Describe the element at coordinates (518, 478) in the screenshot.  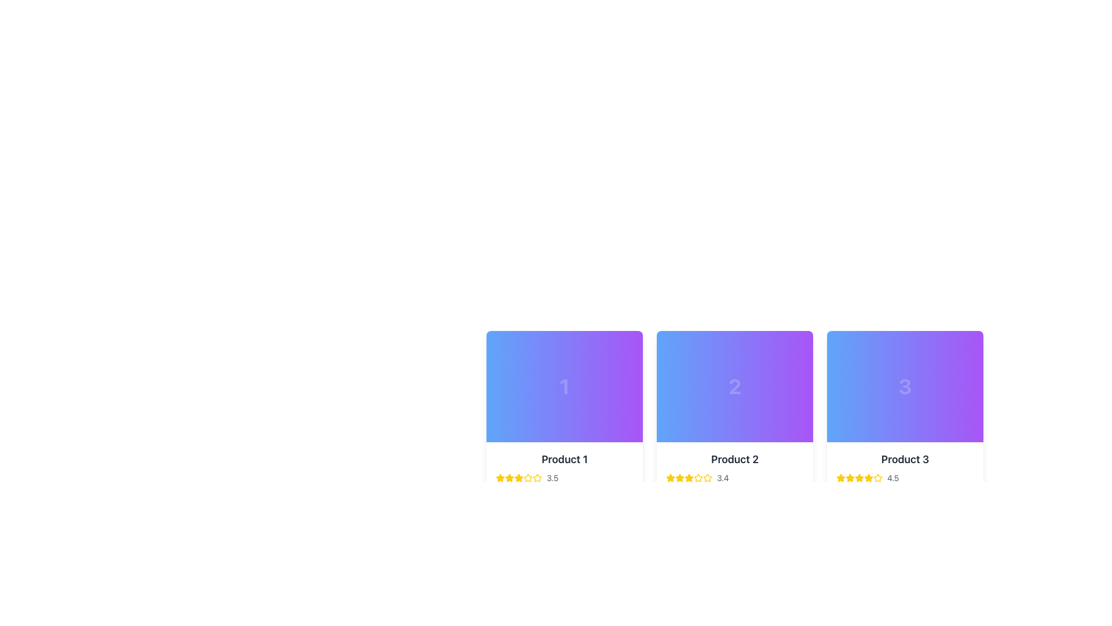
I see `the third star in the five-star rating system below the 'Product 1' card` at that location.